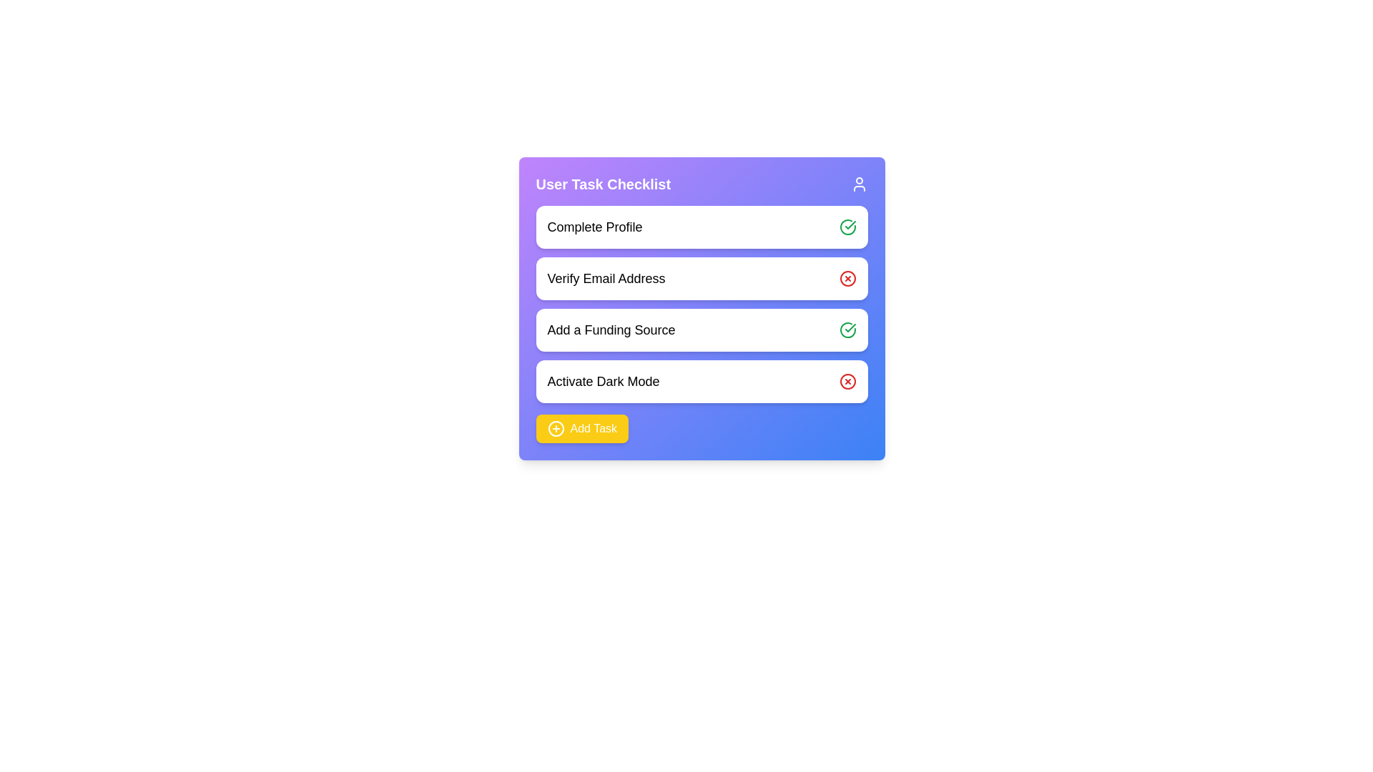 Image resolution: width=1373 pixels, height=772 pixels. Describe the element at coordinates (858, 184) in the screenshot. I see `the decorative icon located on the far-right of the 'User Task Checklist' header, next to the header text` at that location.